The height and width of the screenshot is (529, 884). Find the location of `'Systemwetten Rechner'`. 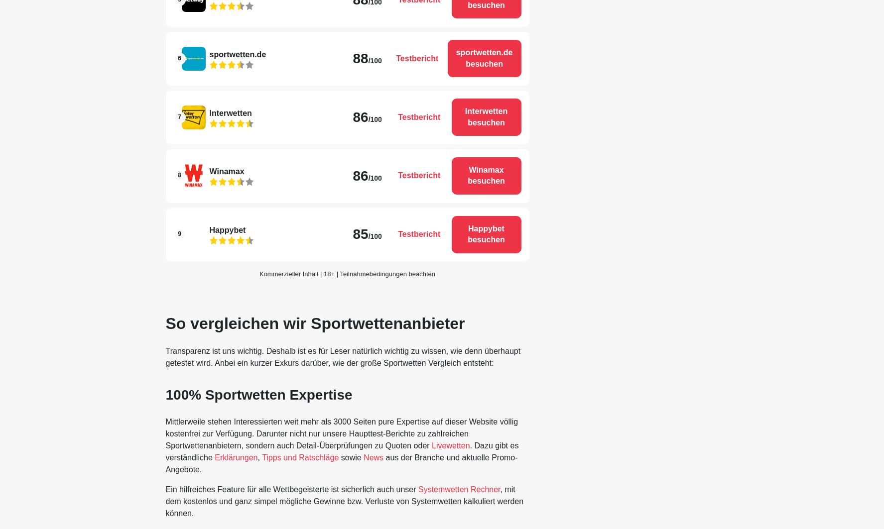

'Systemwetten Rechner' is located at coordinates (459, 489).